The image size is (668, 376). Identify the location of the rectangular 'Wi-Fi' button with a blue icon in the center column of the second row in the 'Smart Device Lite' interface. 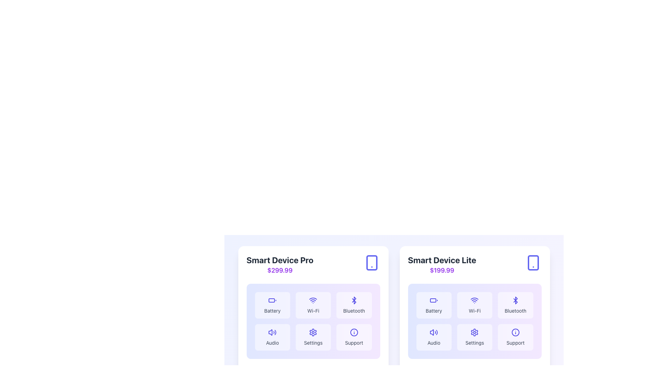
(474, 305).